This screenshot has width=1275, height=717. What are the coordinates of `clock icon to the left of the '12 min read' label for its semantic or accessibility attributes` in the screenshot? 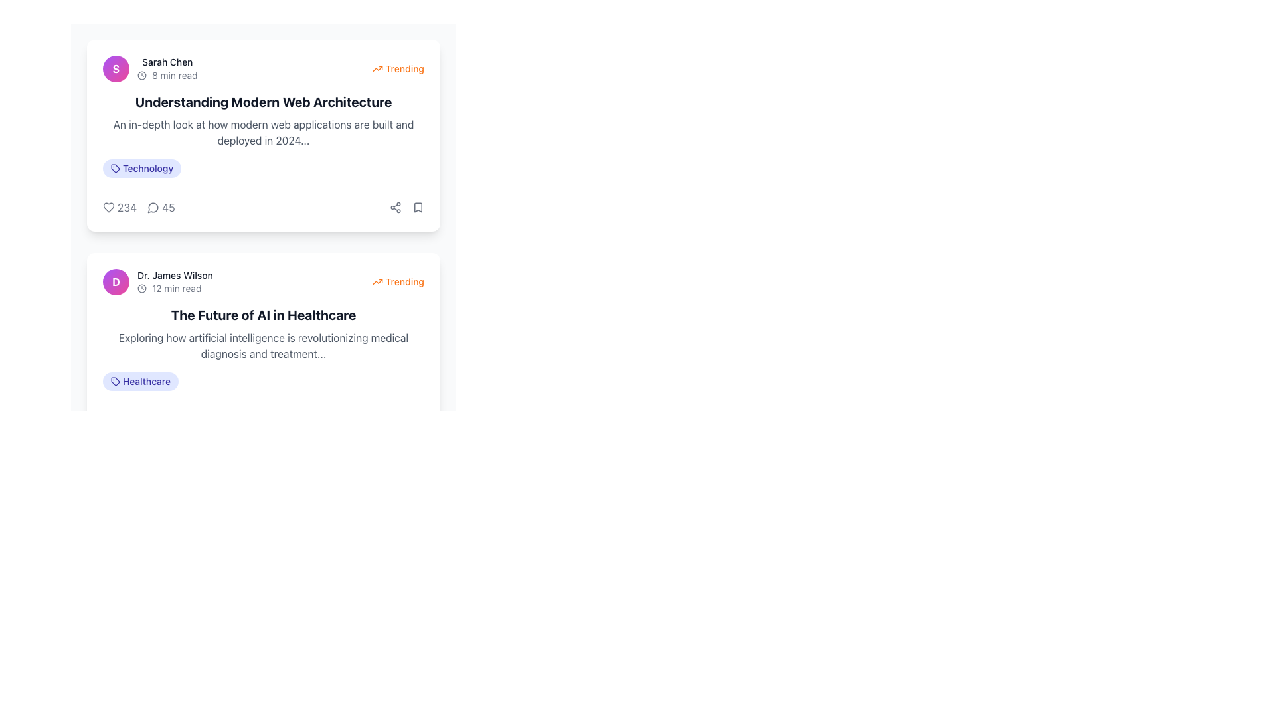 It's located at (142, 288).